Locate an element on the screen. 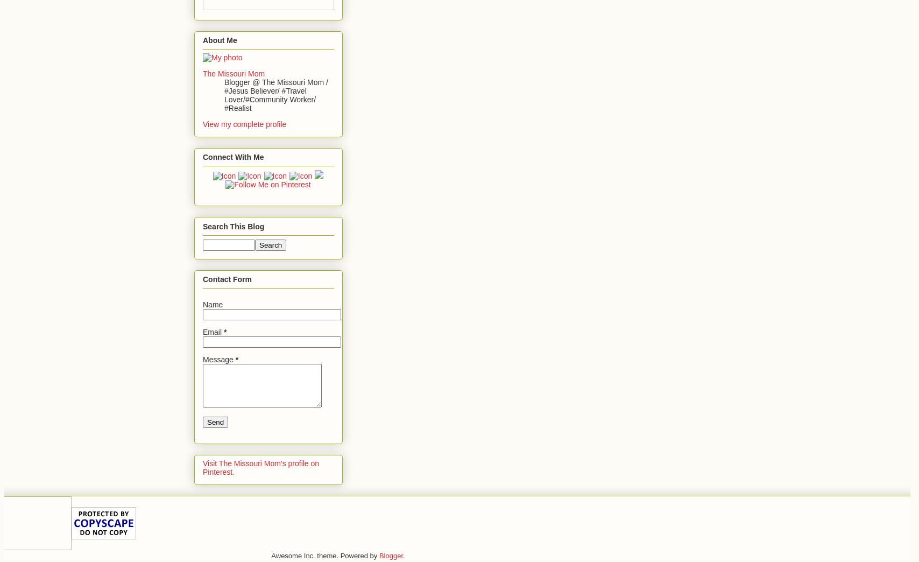 This screenshot has width=919, height=562. 'Message' is located at coordinates (219, 359).